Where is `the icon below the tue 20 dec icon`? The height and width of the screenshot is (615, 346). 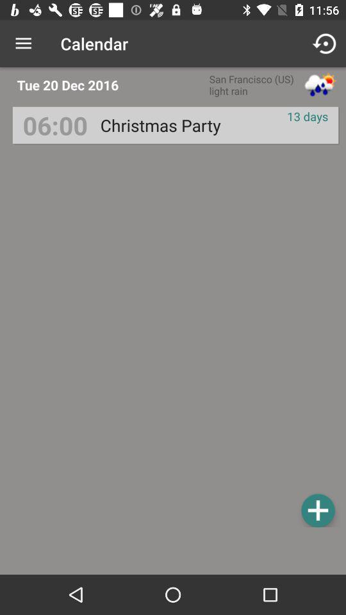 the icon below the tue 20 dec icon is located at coordinates (54, 125).